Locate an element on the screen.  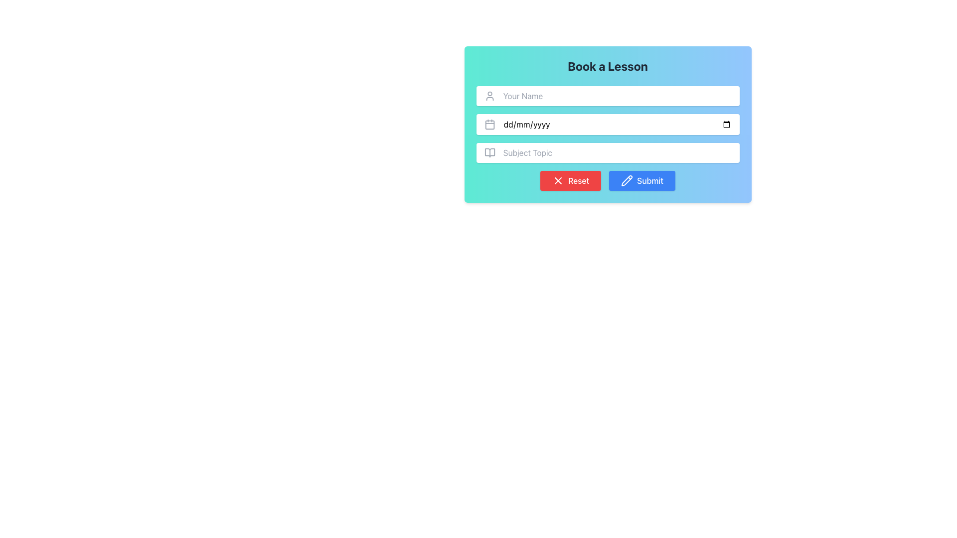
a date on the datepicker within the Form Section located below the header 'Book a Lesson' is located at coordinates (607, 138).